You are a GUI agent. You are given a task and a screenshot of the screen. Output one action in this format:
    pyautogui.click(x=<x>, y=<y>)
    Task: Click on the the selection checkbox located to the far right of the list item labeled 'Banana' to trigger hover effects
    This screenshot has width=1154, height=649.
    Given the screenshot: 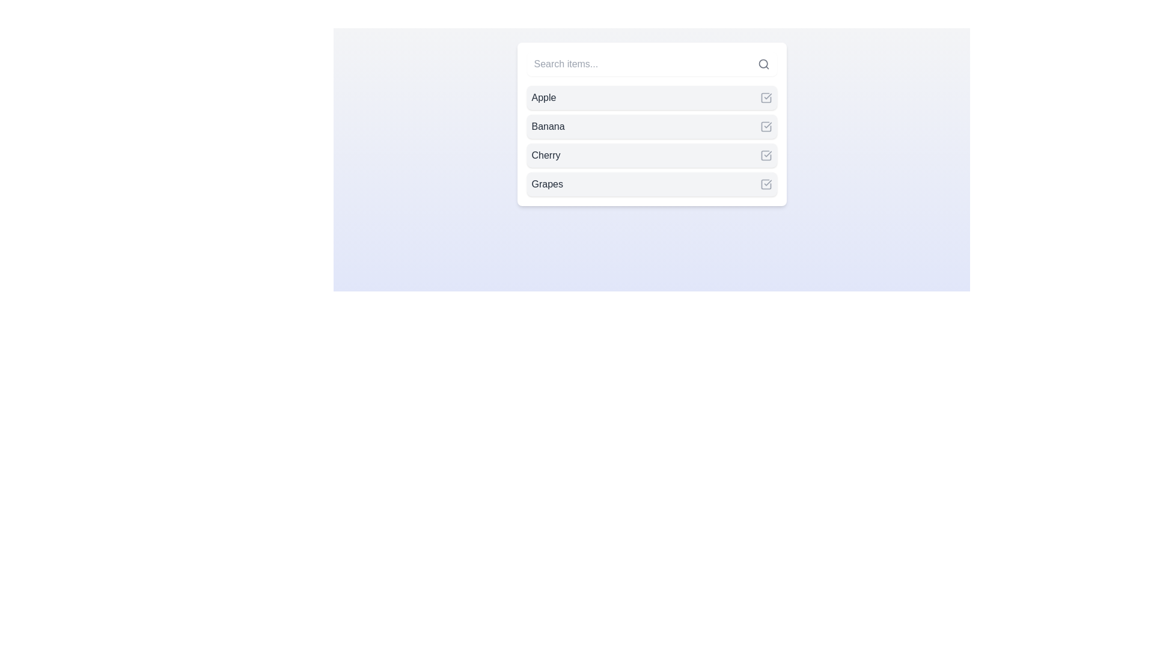 What is the action you would take?
    pyautogui.click(x=765, y=127)
    